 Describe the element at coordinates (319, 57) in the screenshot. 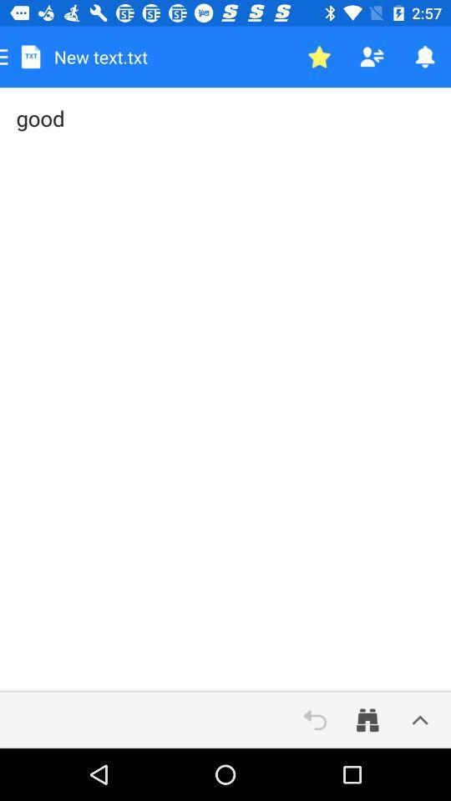

I see `the item to the right of the new text.txt item` at that location.